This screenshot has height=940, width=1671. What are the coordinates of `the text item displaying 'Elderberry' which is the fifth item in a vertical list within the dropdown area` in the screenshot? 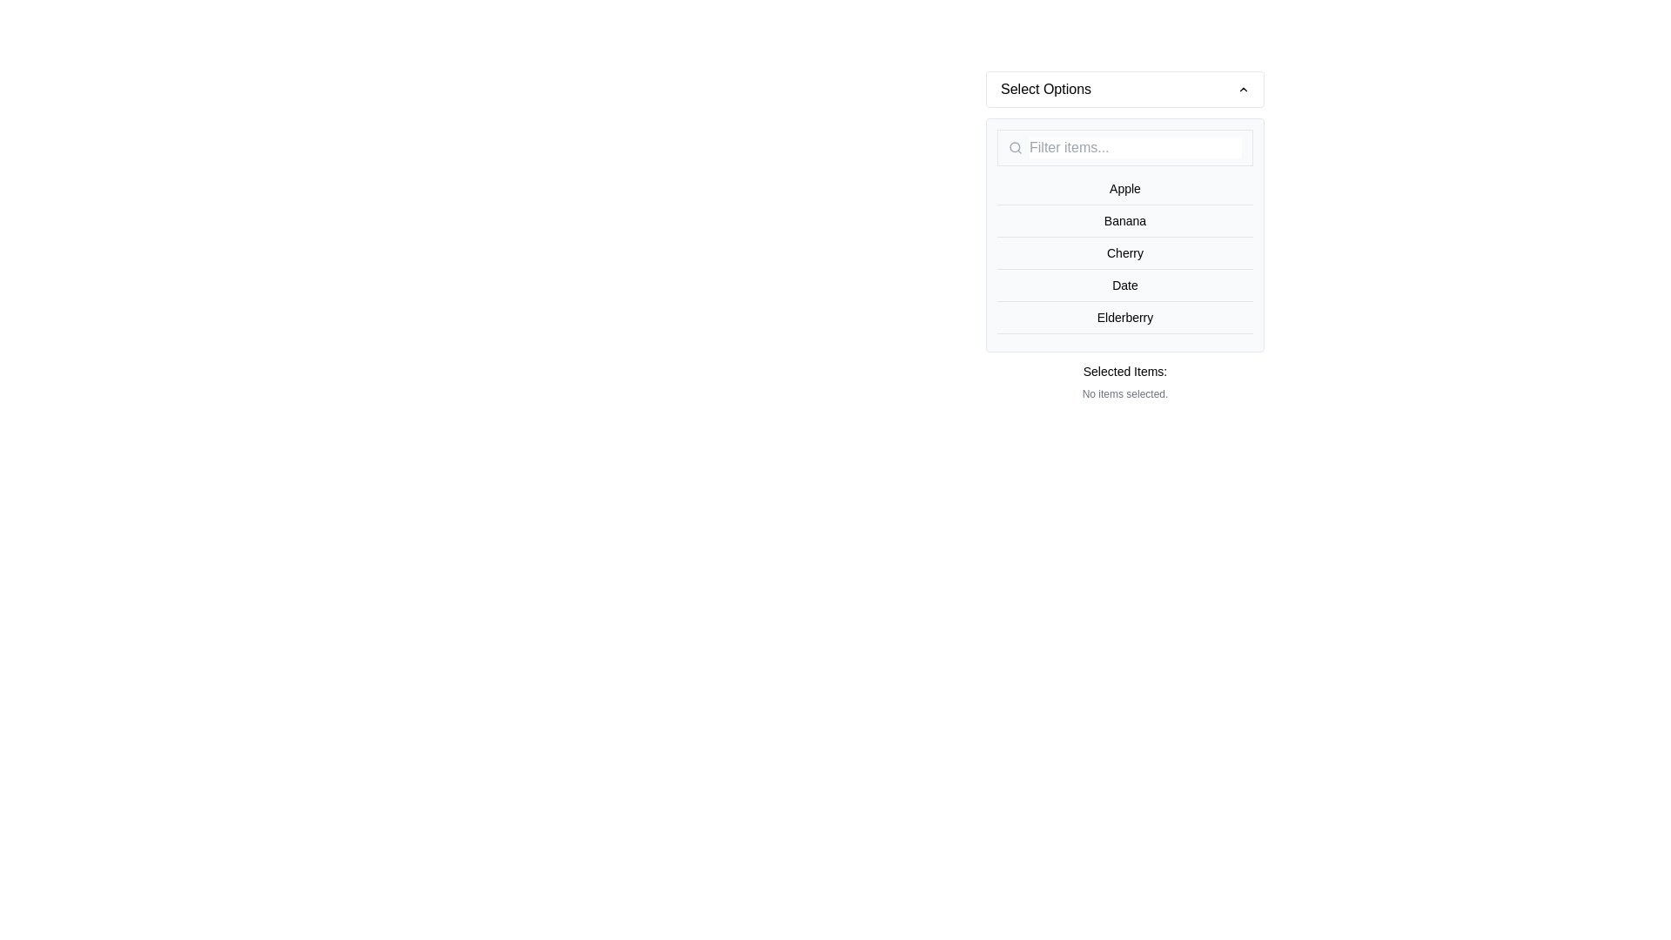 It's located at (1124, 318).